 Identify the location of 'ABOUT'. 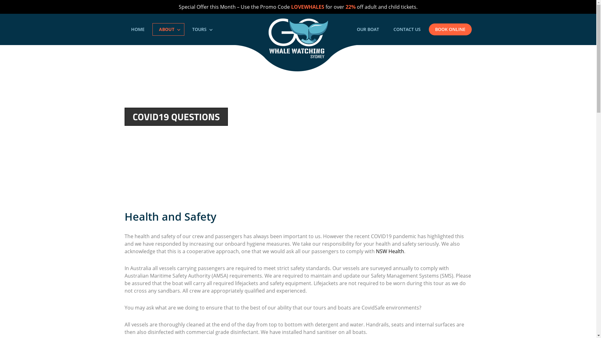
(168, 29).